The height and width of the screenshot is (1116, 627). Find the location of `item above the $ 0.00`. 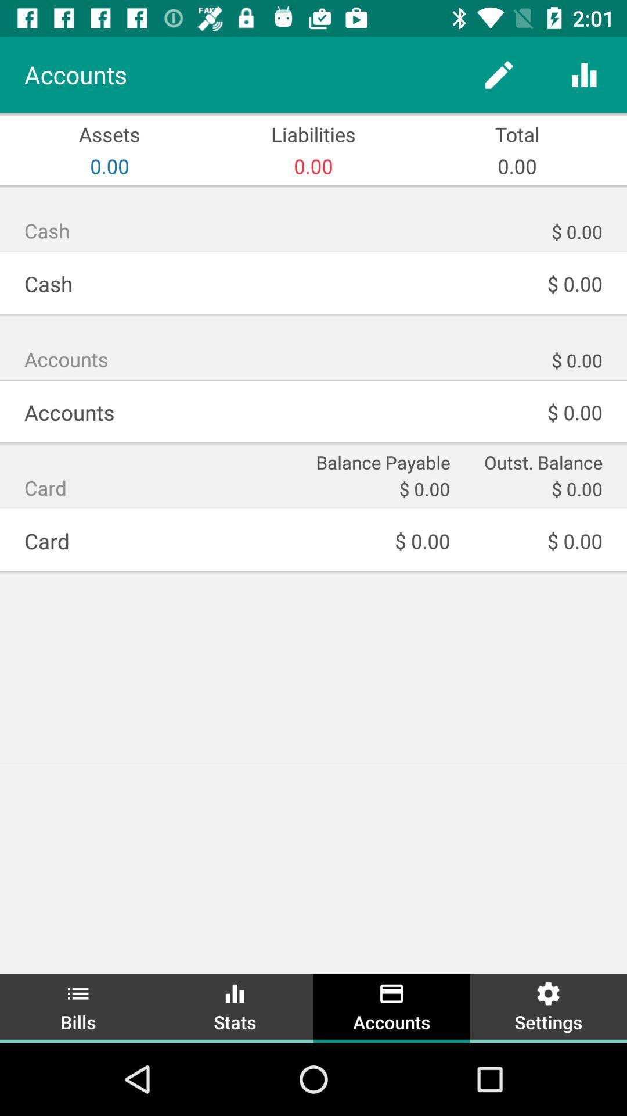

item above the $ 0.00 is located at coordinates (534, 460).